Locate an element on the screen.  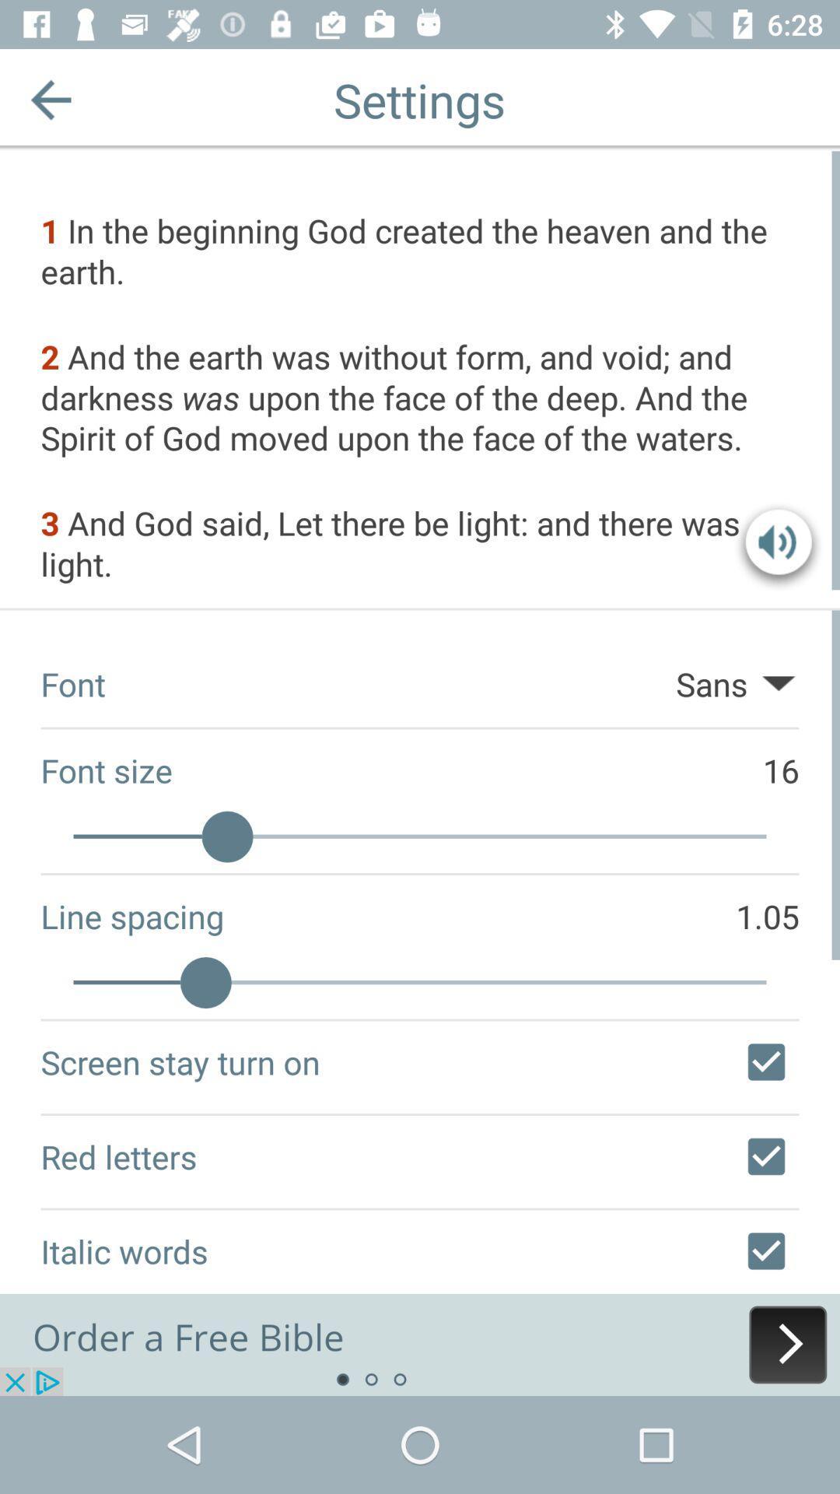
italic words is located at coordinates (765, 1251).